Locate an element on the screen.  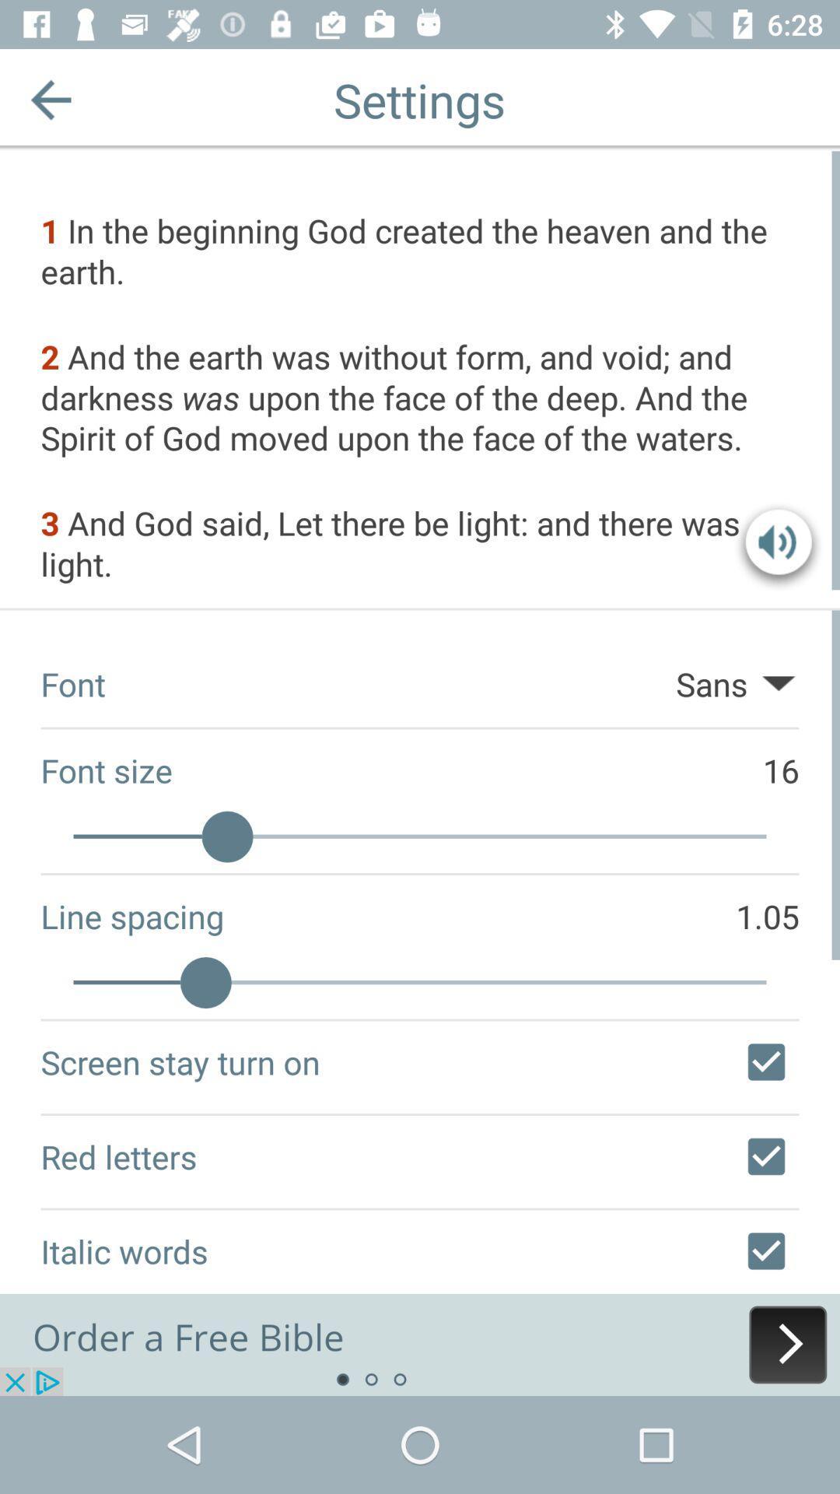
italic words is located at coordinates (765, 1251).